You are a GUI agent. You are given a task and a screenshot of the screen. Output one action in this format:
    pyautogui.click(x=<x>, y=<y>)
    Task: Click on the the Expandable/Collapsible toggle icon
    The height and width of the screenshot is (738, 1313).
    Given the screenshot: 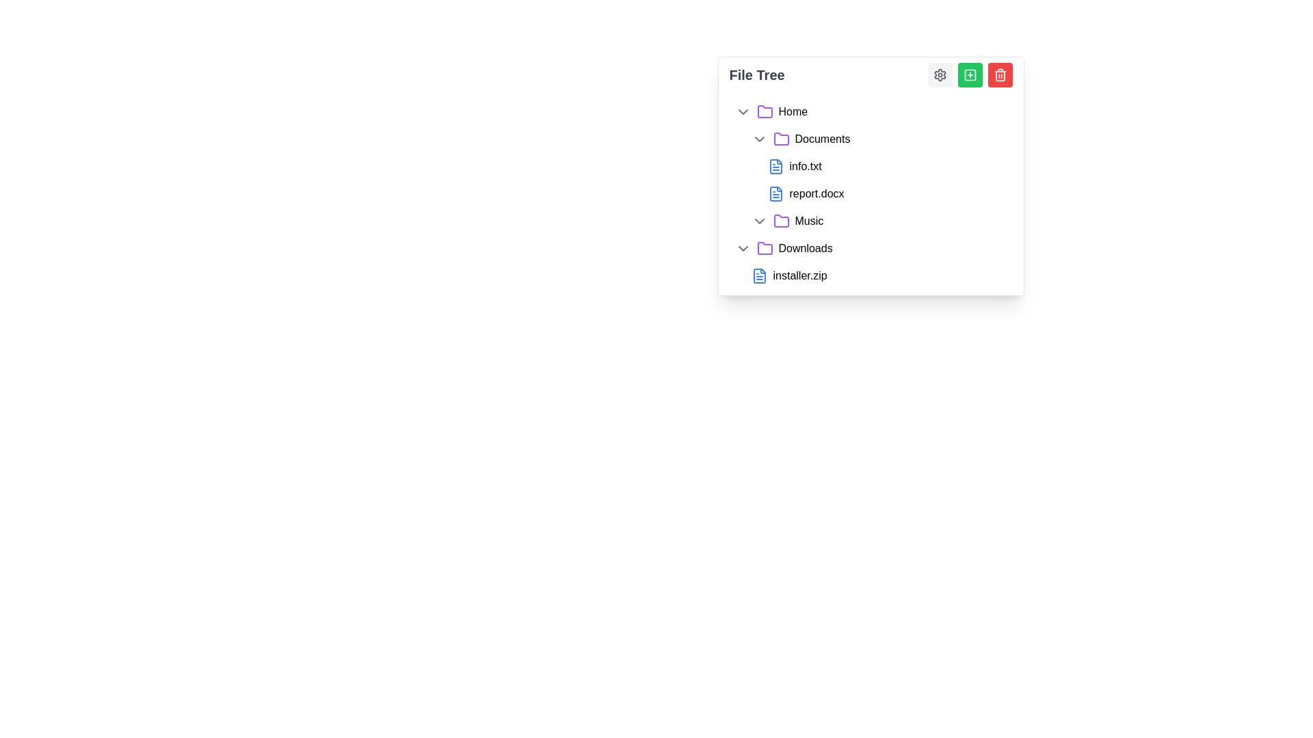 What is the action you would take?
    pyautogui.click(x=742, y=248)
    